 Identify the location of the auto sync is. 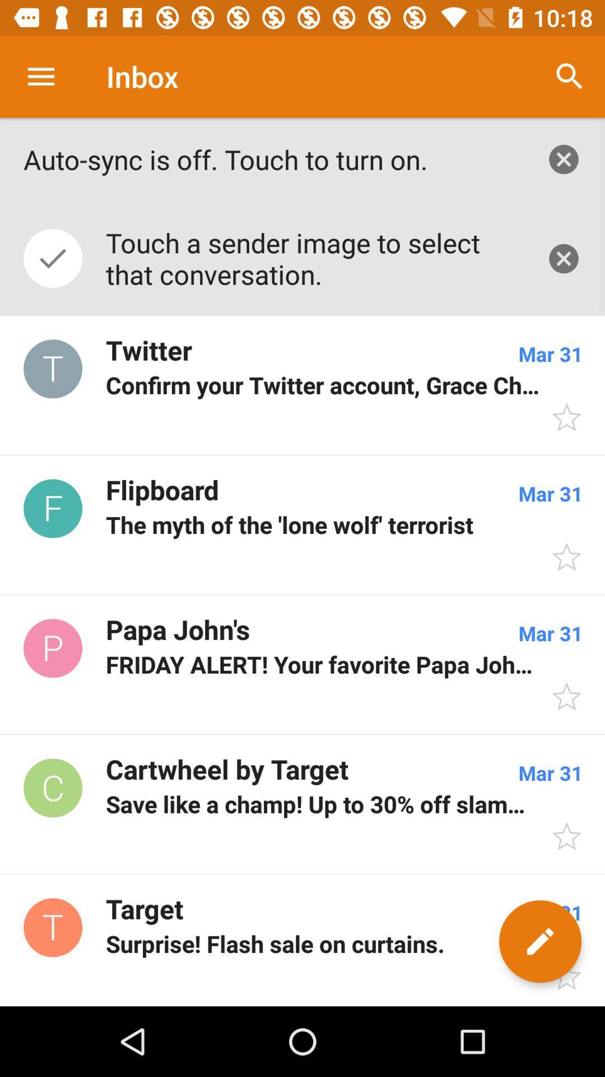
(273, 159).